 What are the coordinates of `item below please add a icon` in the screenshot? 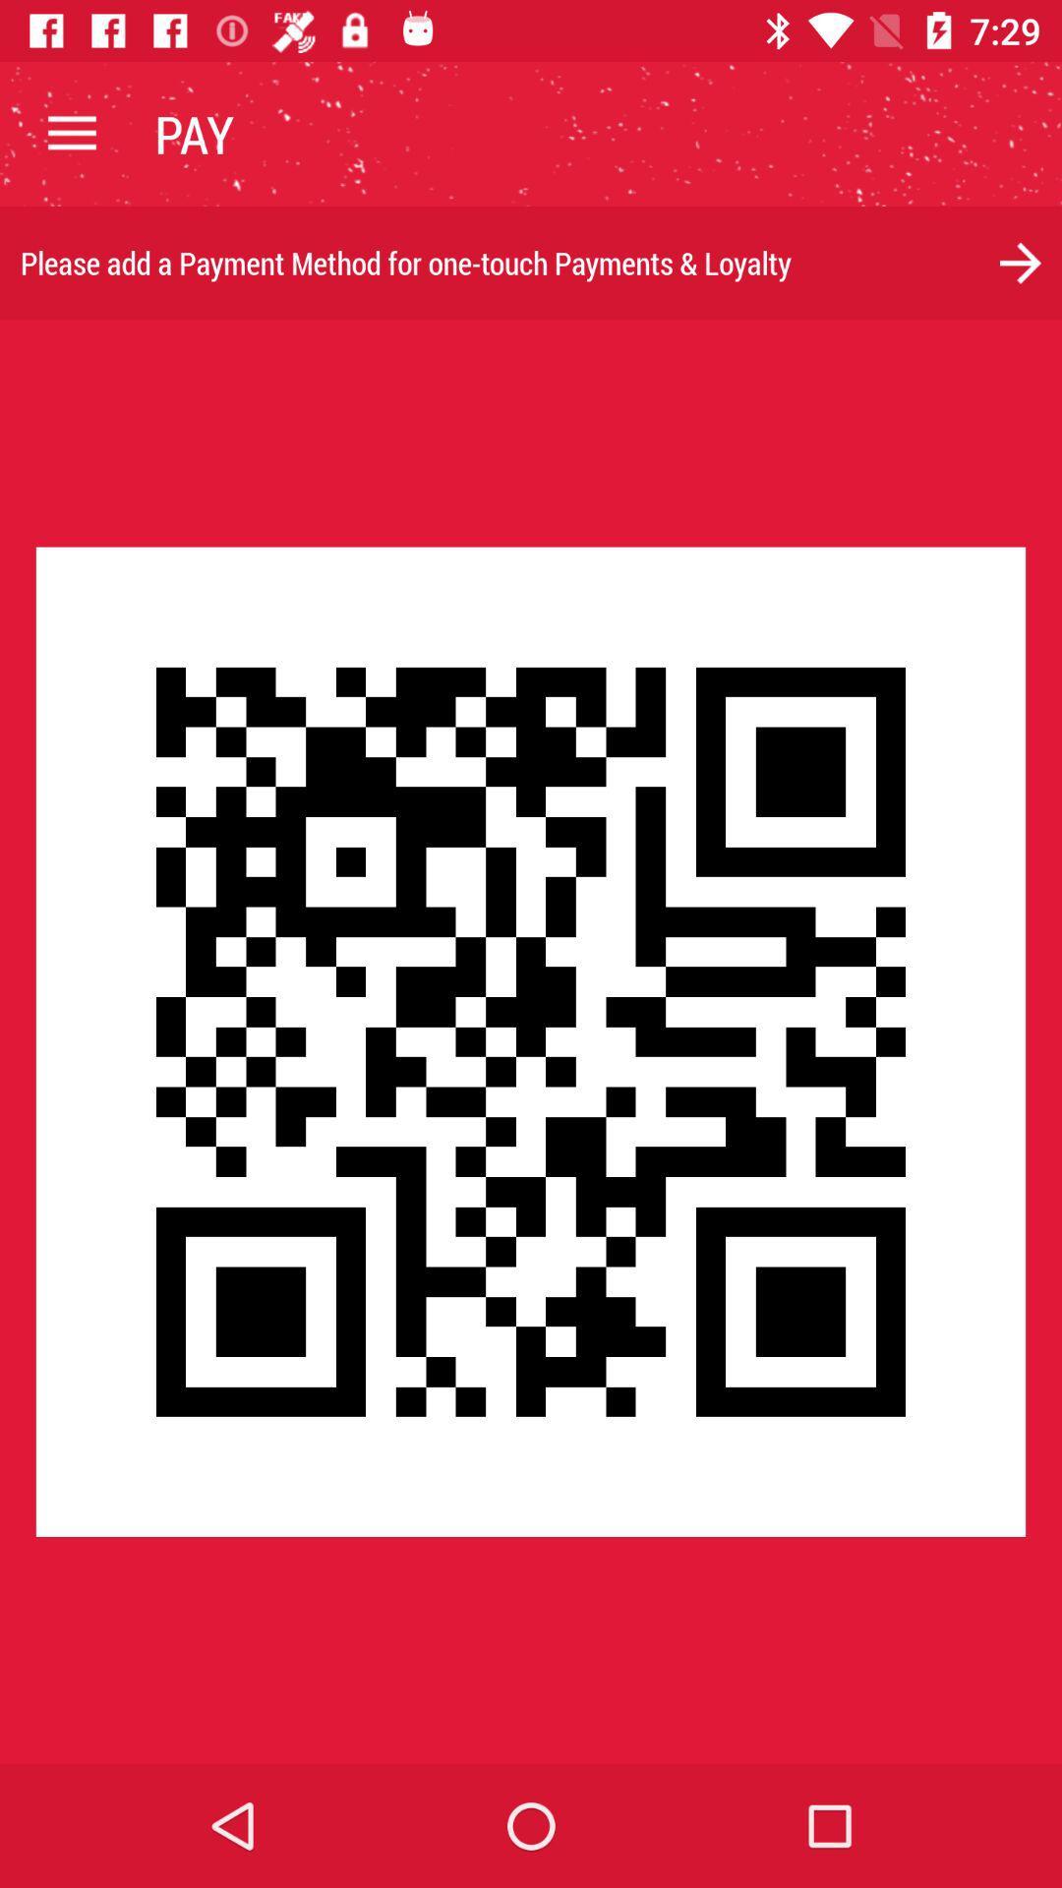 It's located at (531, 1040).